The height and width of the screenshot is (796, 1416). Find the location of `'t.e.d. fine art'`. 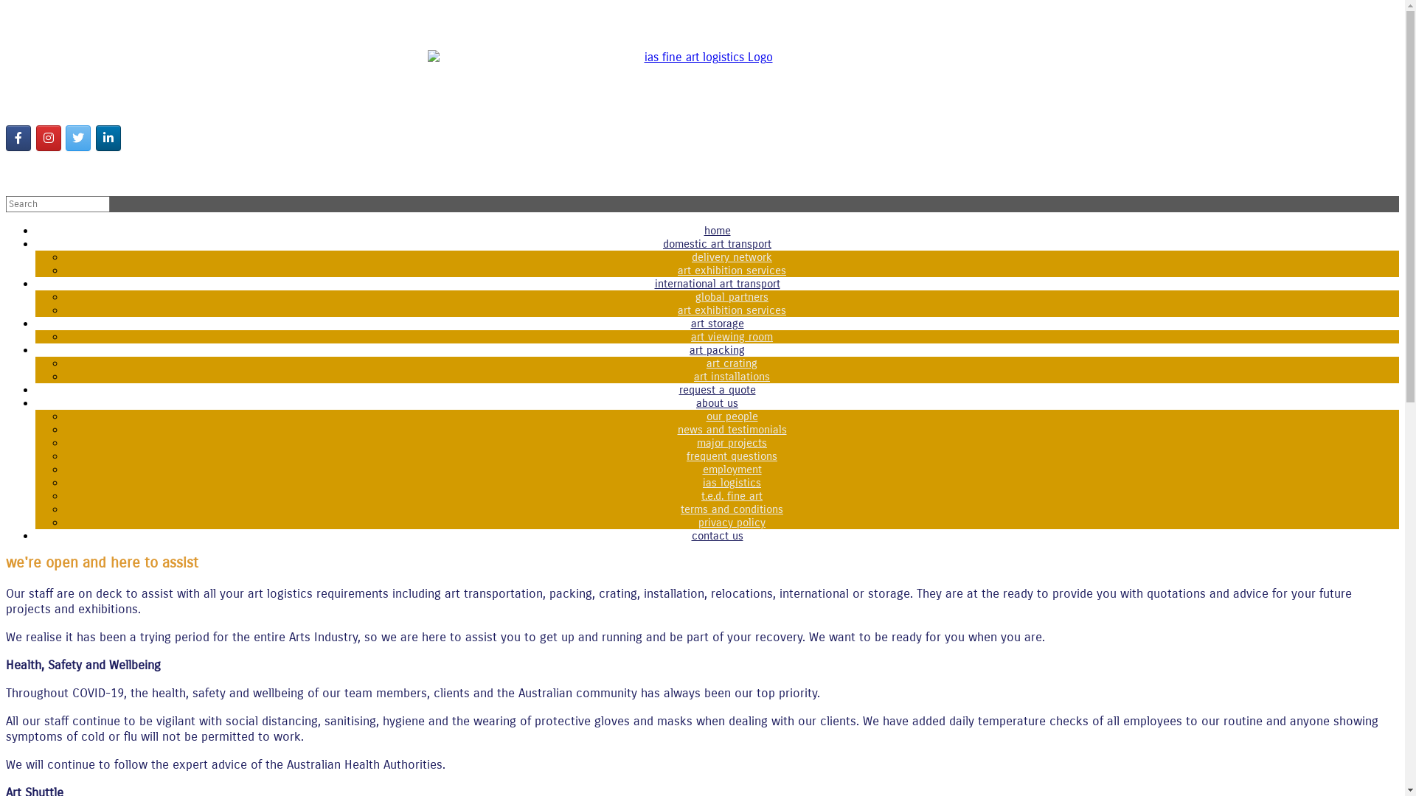

't.e.d. fine art' is located at coordinates (732, 495).